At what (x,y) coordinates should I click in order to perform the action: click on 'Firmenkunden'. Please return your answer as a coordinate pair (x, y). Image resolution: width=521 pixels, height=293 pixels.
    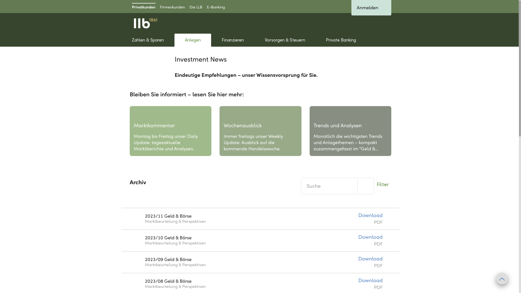
    Looking at the image, I should click on (172, 6).